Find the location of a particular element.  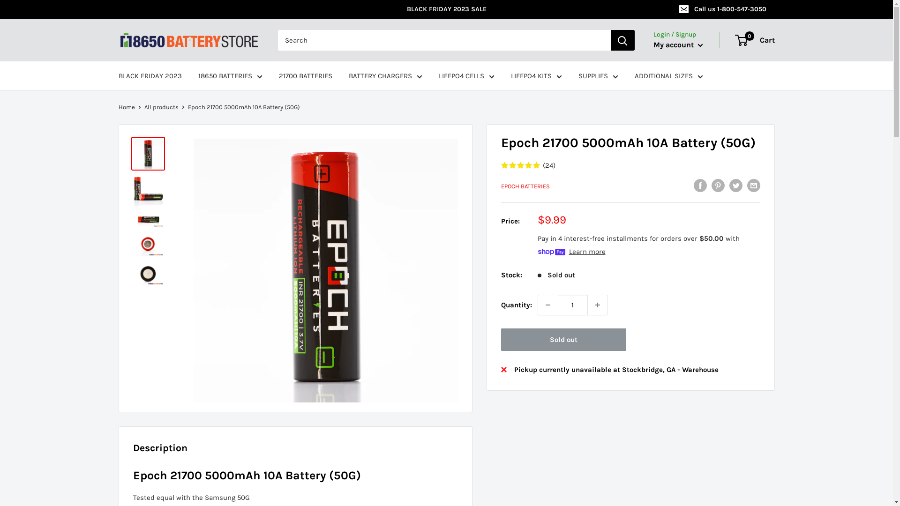

'LIFEPO4 CELLS' is located at coordinates (466, 75).